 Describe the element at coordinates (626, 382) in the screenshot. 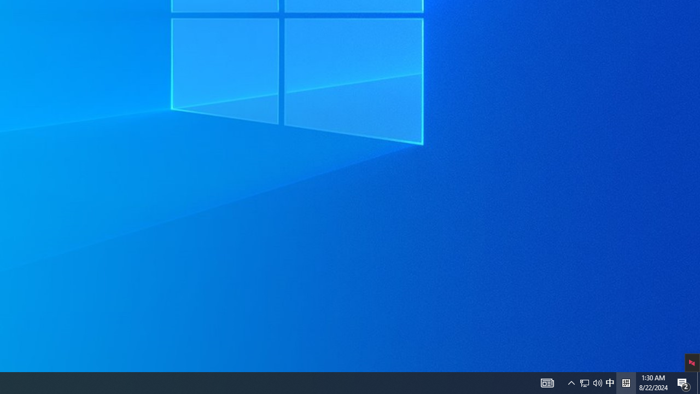

I see `'Q2790: 100%'` at that location.